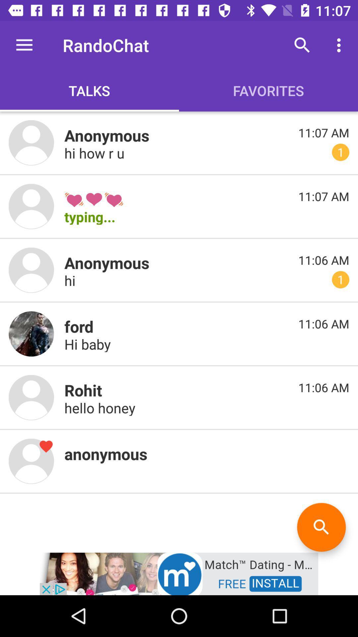  I want to click on images, so click(31, 206).